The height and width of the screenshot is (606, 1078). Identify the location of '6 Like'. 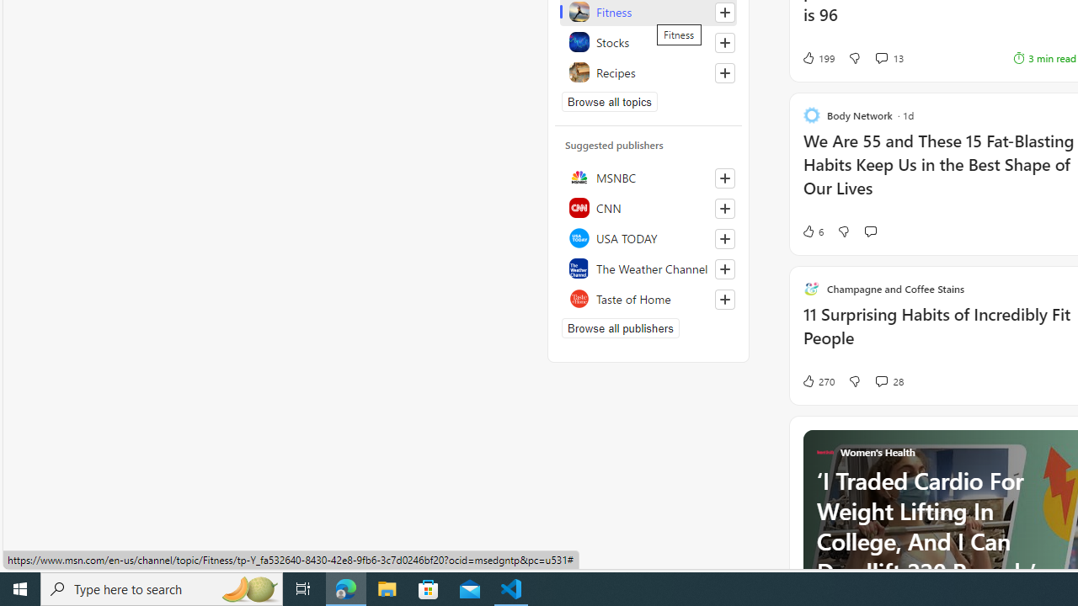
(812, 231).